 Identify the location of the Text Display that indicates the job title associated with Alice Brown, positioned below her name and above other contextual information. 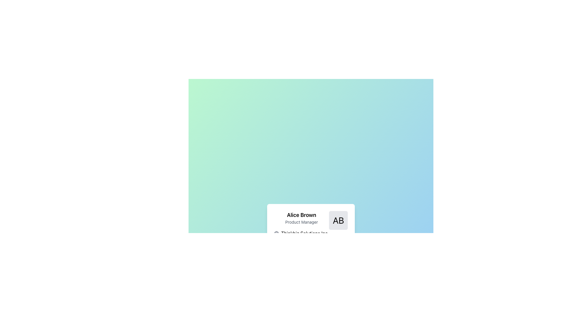
(301, 222).